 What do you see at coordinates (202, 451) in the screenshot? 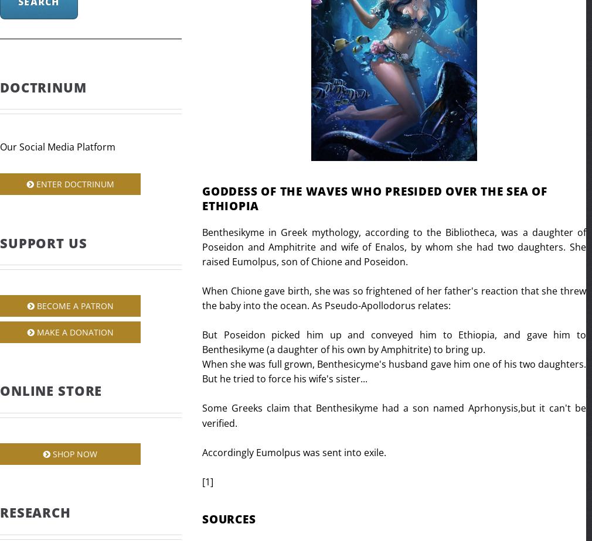
I see `'Accordingly Eumolpus was sent into exile.'` at bounding box center [202, 451].